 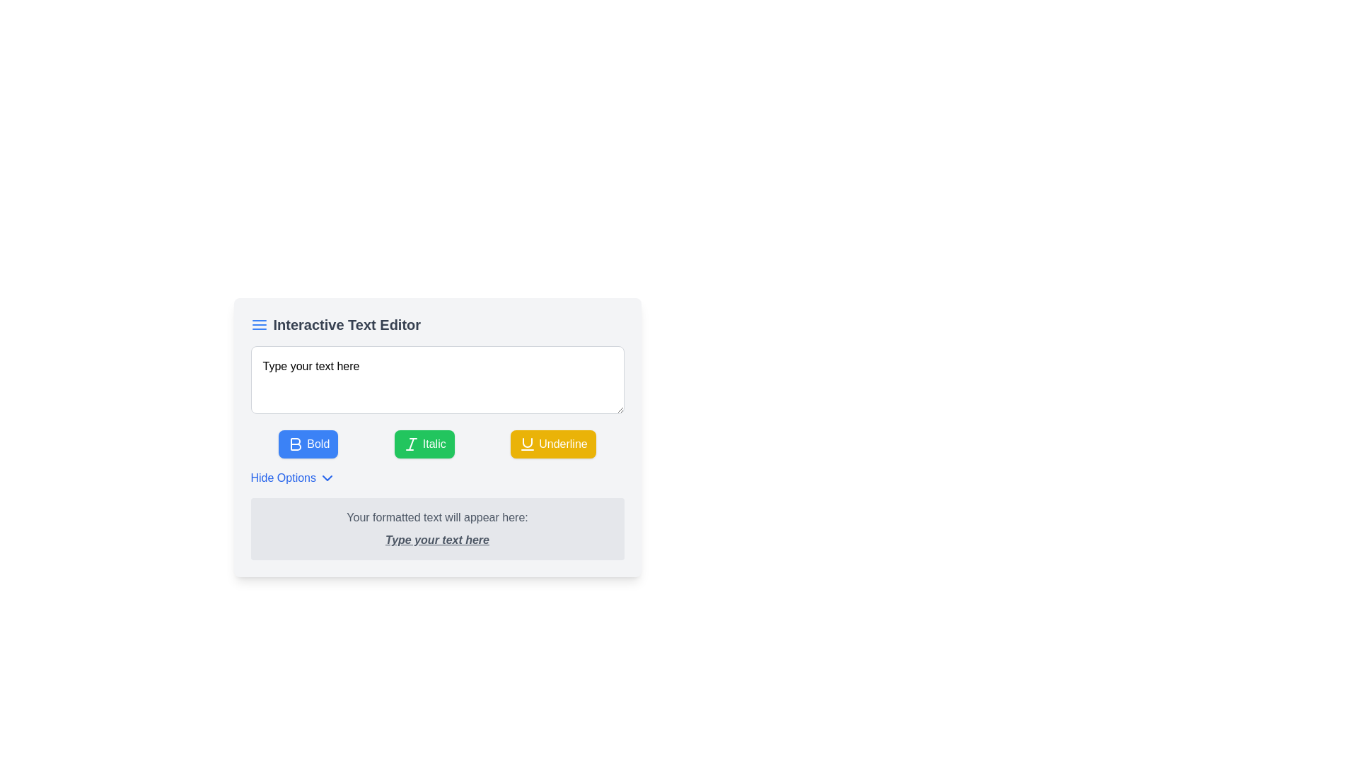 I want to click on the central vertical line of the italic text styling icon located in the toolbar under the text input field, so click(x=410, y=443).